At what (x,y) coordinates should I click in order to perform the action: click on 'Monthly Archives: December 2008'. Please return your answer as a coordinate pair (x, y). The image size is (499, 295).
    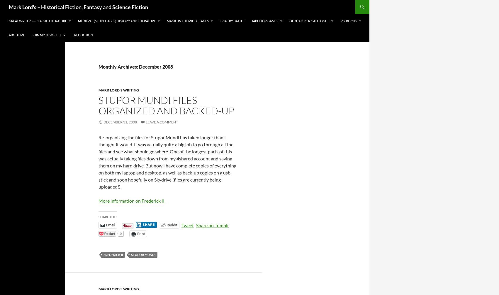
    Looking at the image, I should click on (135, 67).